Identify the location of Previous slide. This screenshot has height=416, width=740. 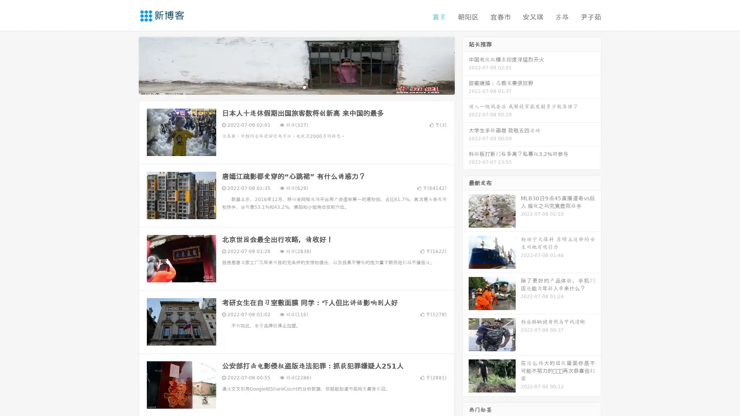
(127, 65).